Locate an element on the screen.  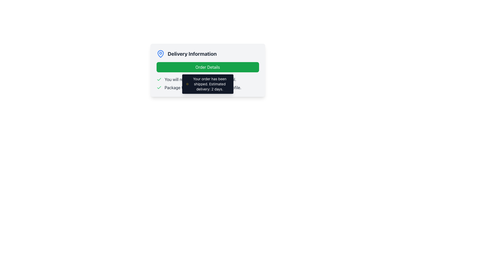
notification text block that informs the user about the availability of package tracking in their profile, located below a similar notification row and to the right of a green checkmark icon in the 'Delivery Information' section is located at coordinates (203, 87).